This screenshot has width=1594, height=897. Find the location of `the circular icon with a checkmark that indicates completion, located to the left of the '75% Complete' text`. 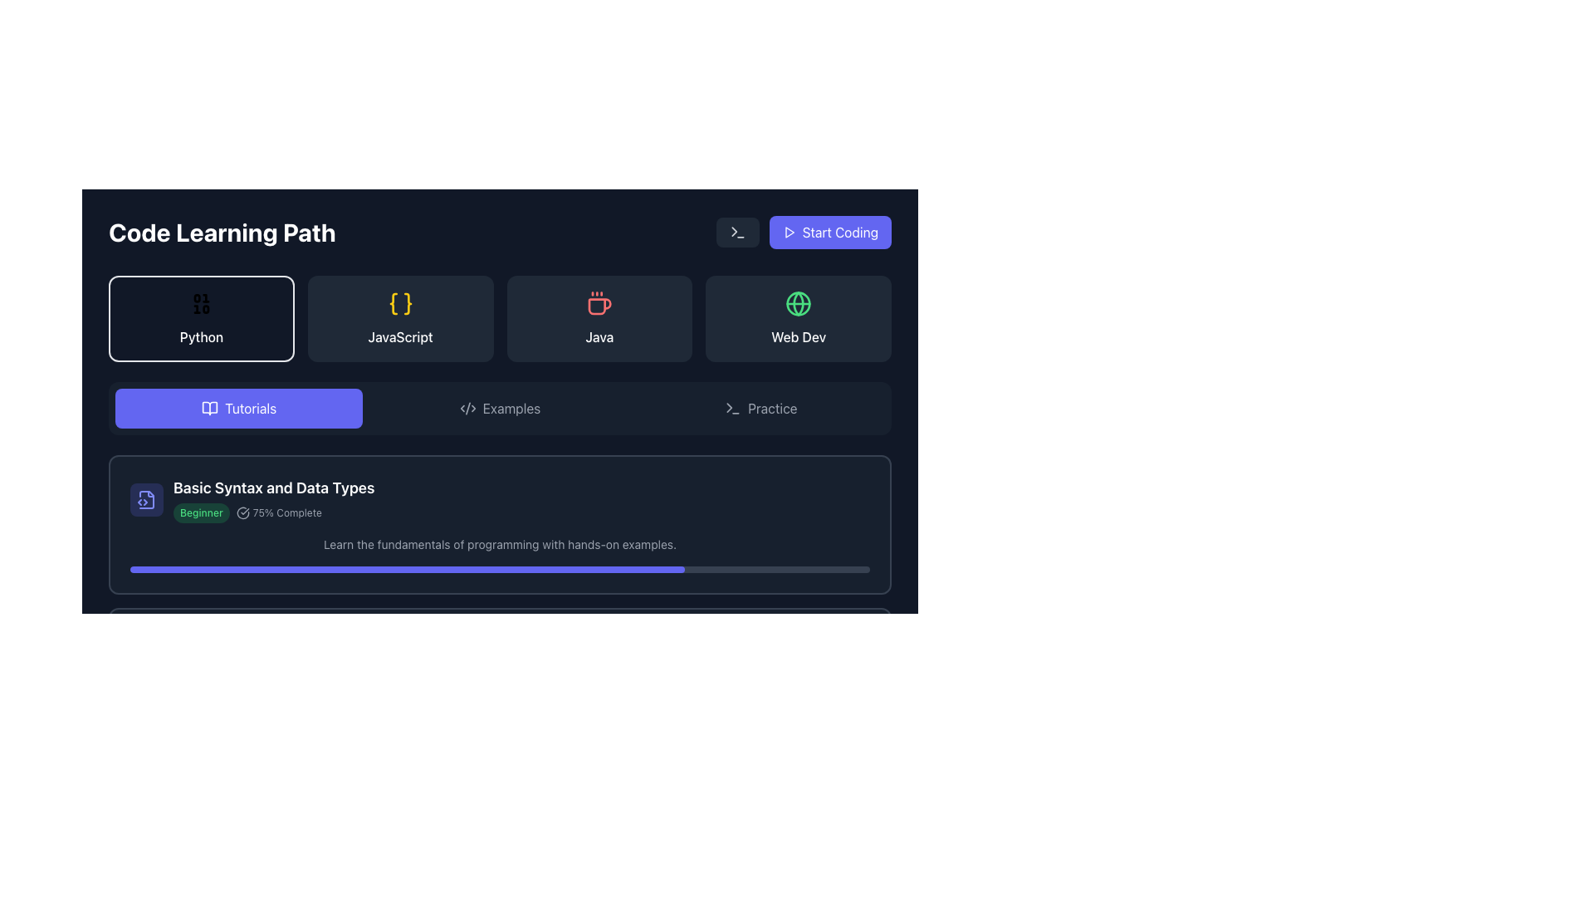

the circular icon with a checkmark that indicates completion, located to the left of the '75% Complete' text is located at coordinates (242, 512).